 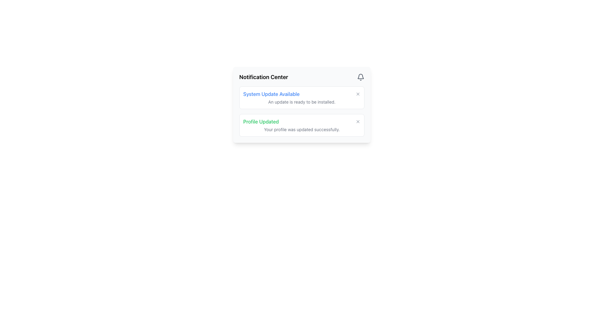 I want to click on the second notification card in the 'Notification Center', so click(x=302, y=125).